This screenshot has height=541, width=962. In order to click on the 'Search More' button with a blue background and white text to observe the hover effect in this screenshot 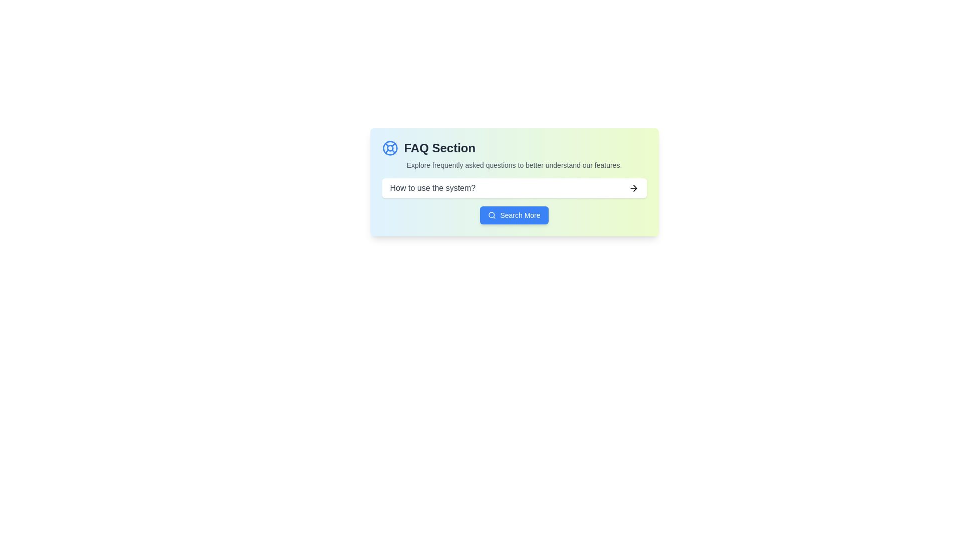, I will do `click(514, 214)`.